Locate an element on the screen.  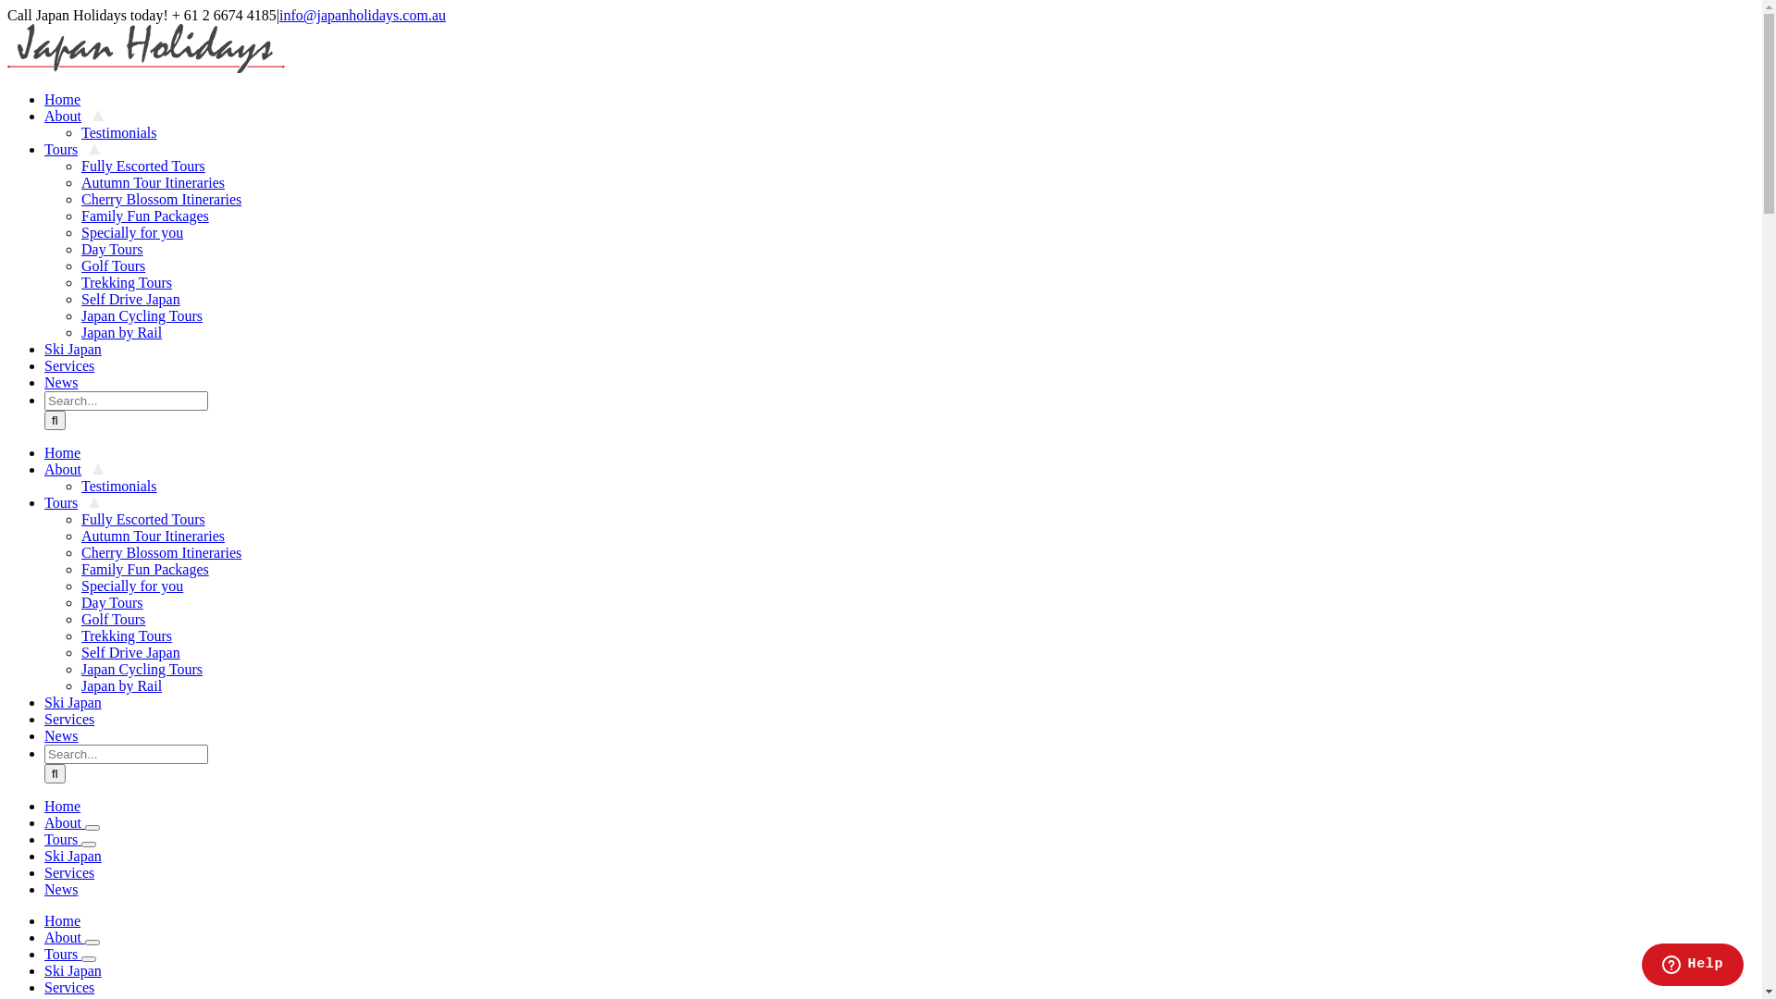
'Autumn Tour Itineraries' is located at coordinates (153, 536).